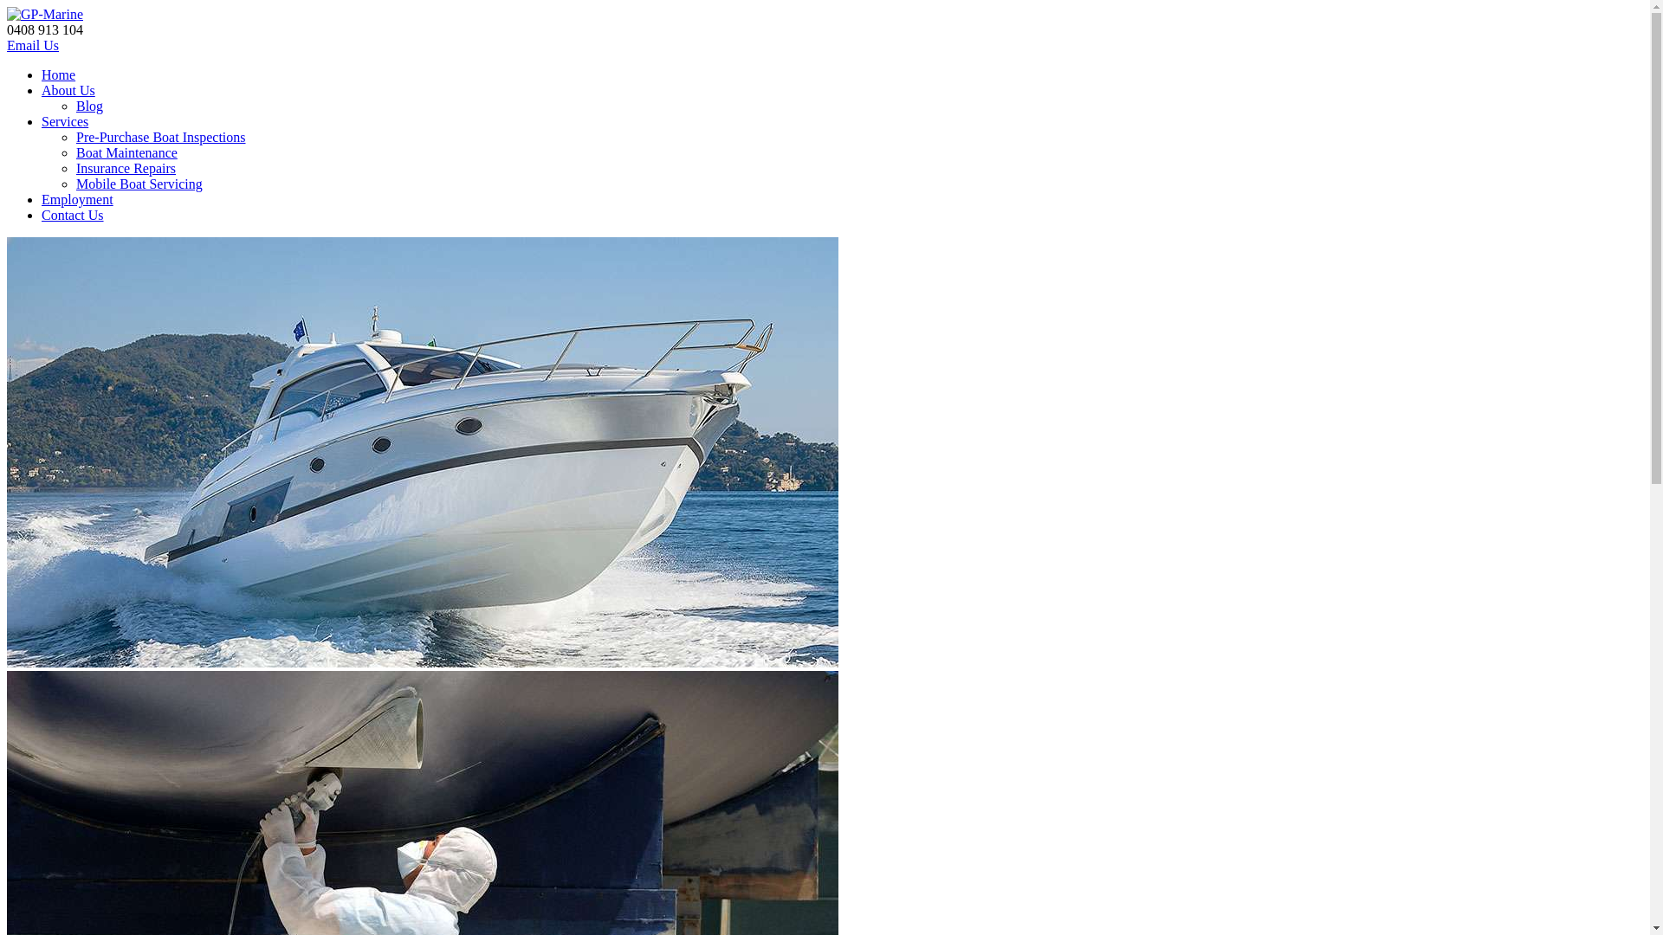 The width and height of the screenshot is (1663, 935). What do you see at coordinates (161, 136) in the screenshot?
I see `'Pre-Purchase Boat Inspections'` at bounding box center [161, 136].